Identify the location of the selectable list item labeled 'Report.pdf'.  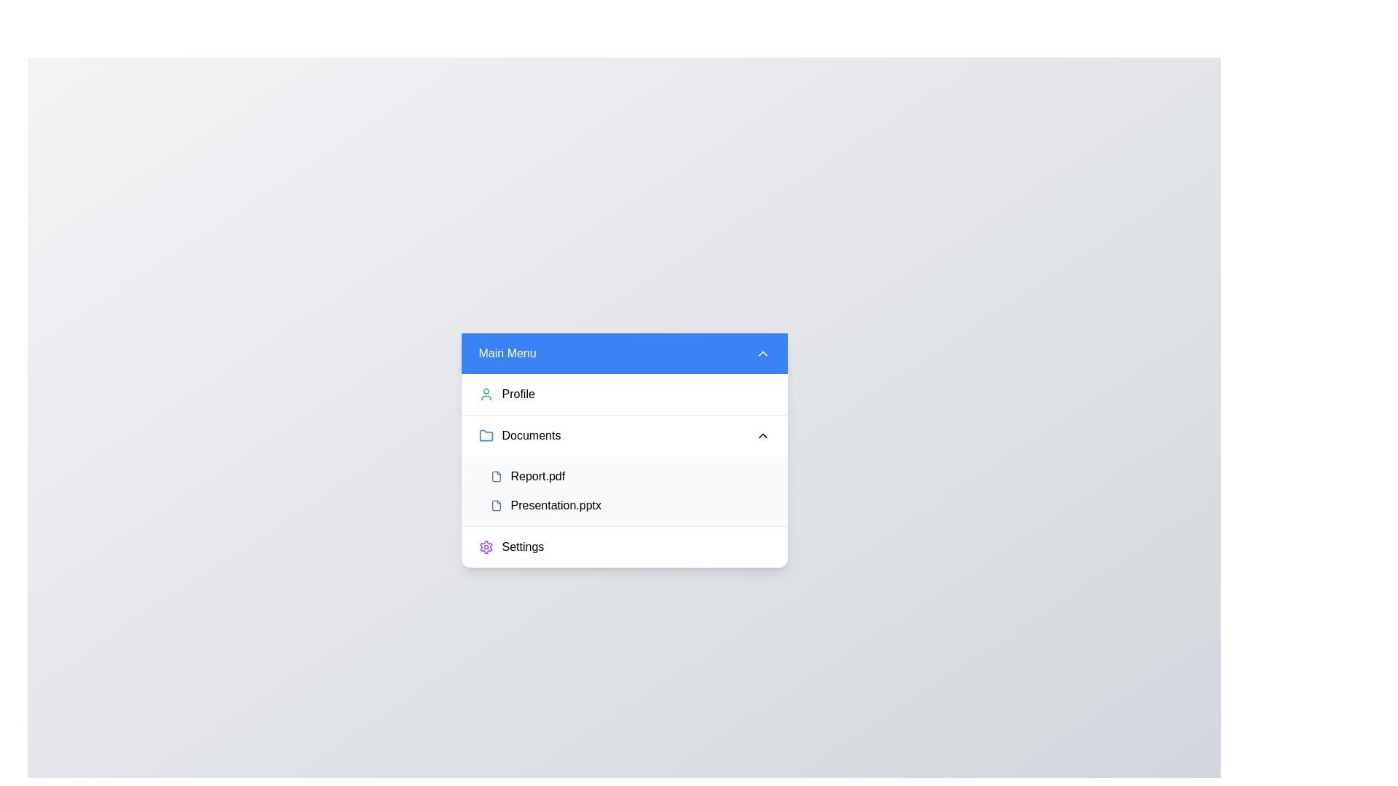
(639, 477).